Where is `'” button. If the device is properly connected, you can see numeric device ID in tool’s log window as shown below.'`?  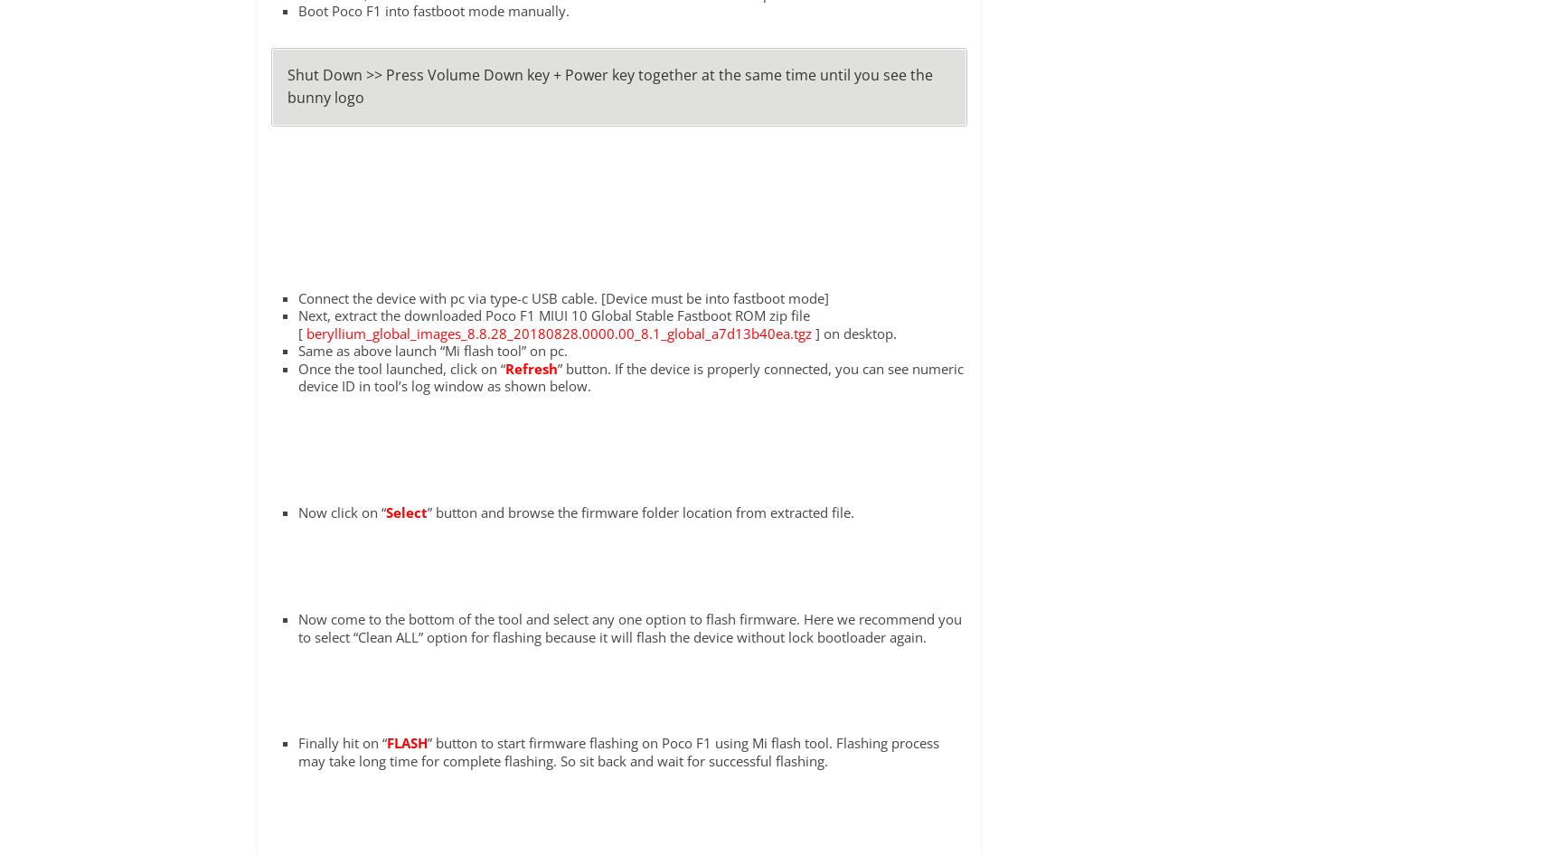 '” button. If the device is properly connected, you can see numeric device ID in tool’s log window as shown below.' is located at coordinates (628, 375).